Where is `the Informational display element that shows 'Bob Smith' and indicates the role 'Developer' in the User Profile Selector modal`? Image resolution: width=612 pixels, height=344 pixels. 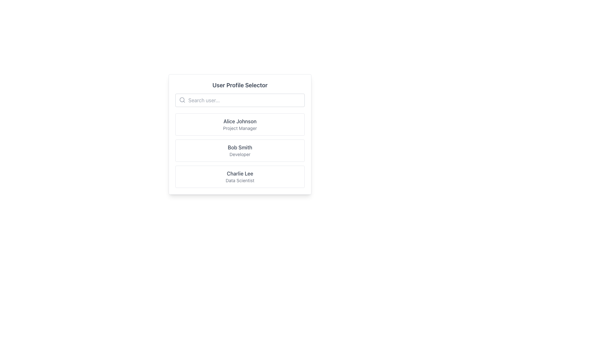
the Informational display element that shows 'Bob Smith' and indicates the role 'Developer' in the User Profile Selector modal is located at coordinates (240, 151).